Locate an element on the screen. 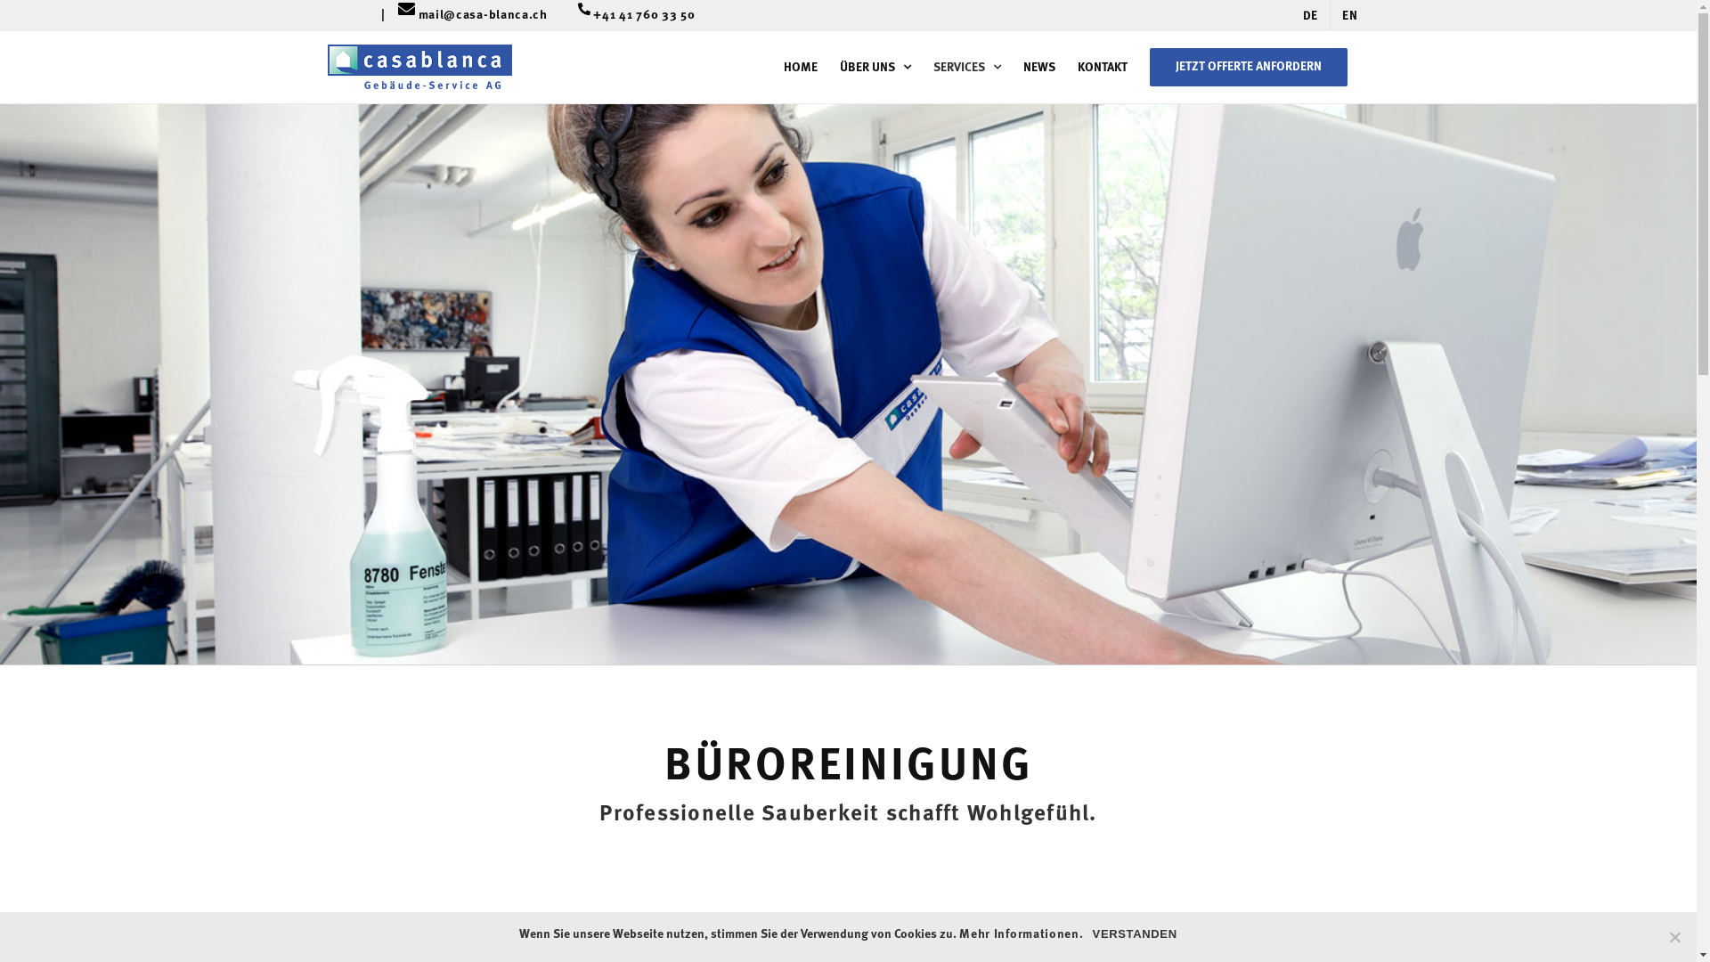 This screenshot has width=1710, height=962. 'No' is located at coordinates (1673, 936).